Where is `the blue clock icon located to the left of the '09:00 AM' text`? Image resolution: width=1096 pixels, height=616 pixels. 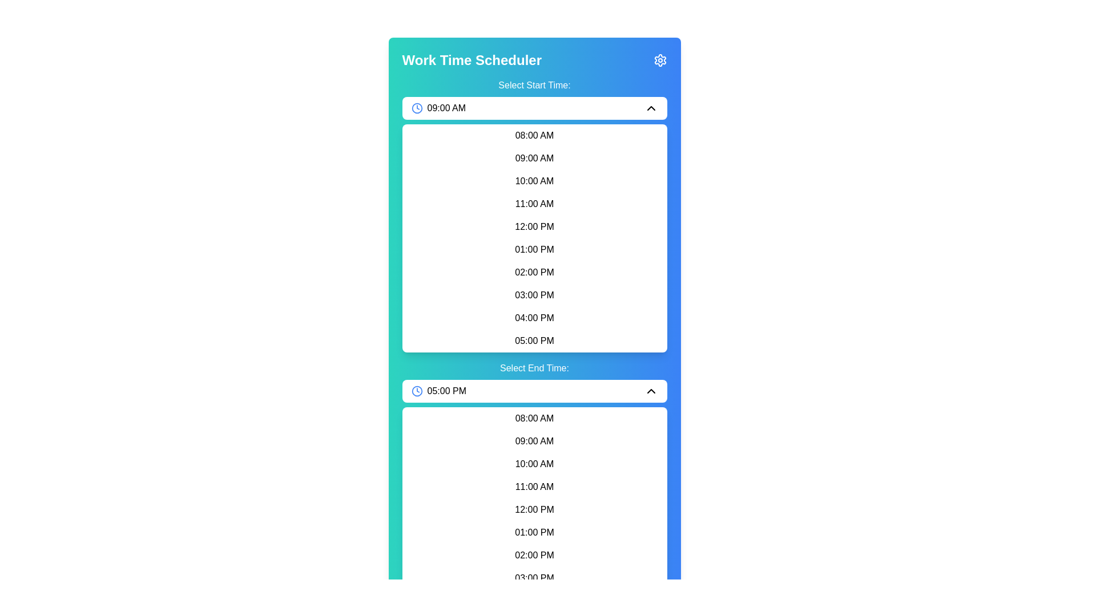
the blue clock icon located to the left of the '09:00 AM' text is located at coordinates (416, 108).